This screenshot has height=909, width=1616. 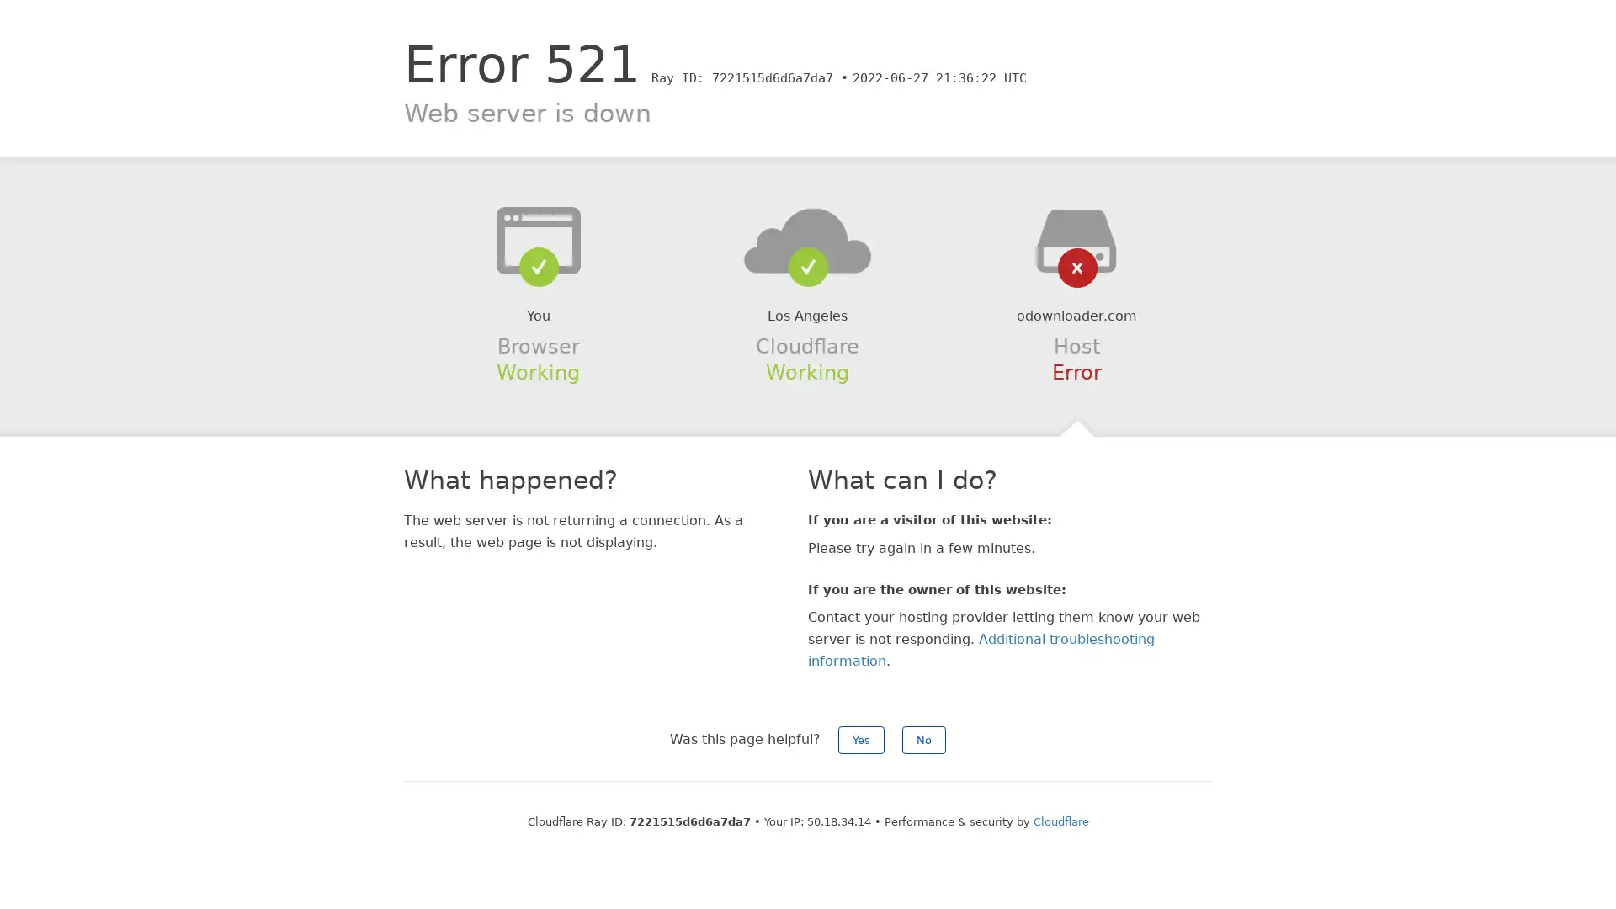 What do you see at coordinates (861, 739) in the screenshot?
I see `Yes` at bounding box center [861, 739].